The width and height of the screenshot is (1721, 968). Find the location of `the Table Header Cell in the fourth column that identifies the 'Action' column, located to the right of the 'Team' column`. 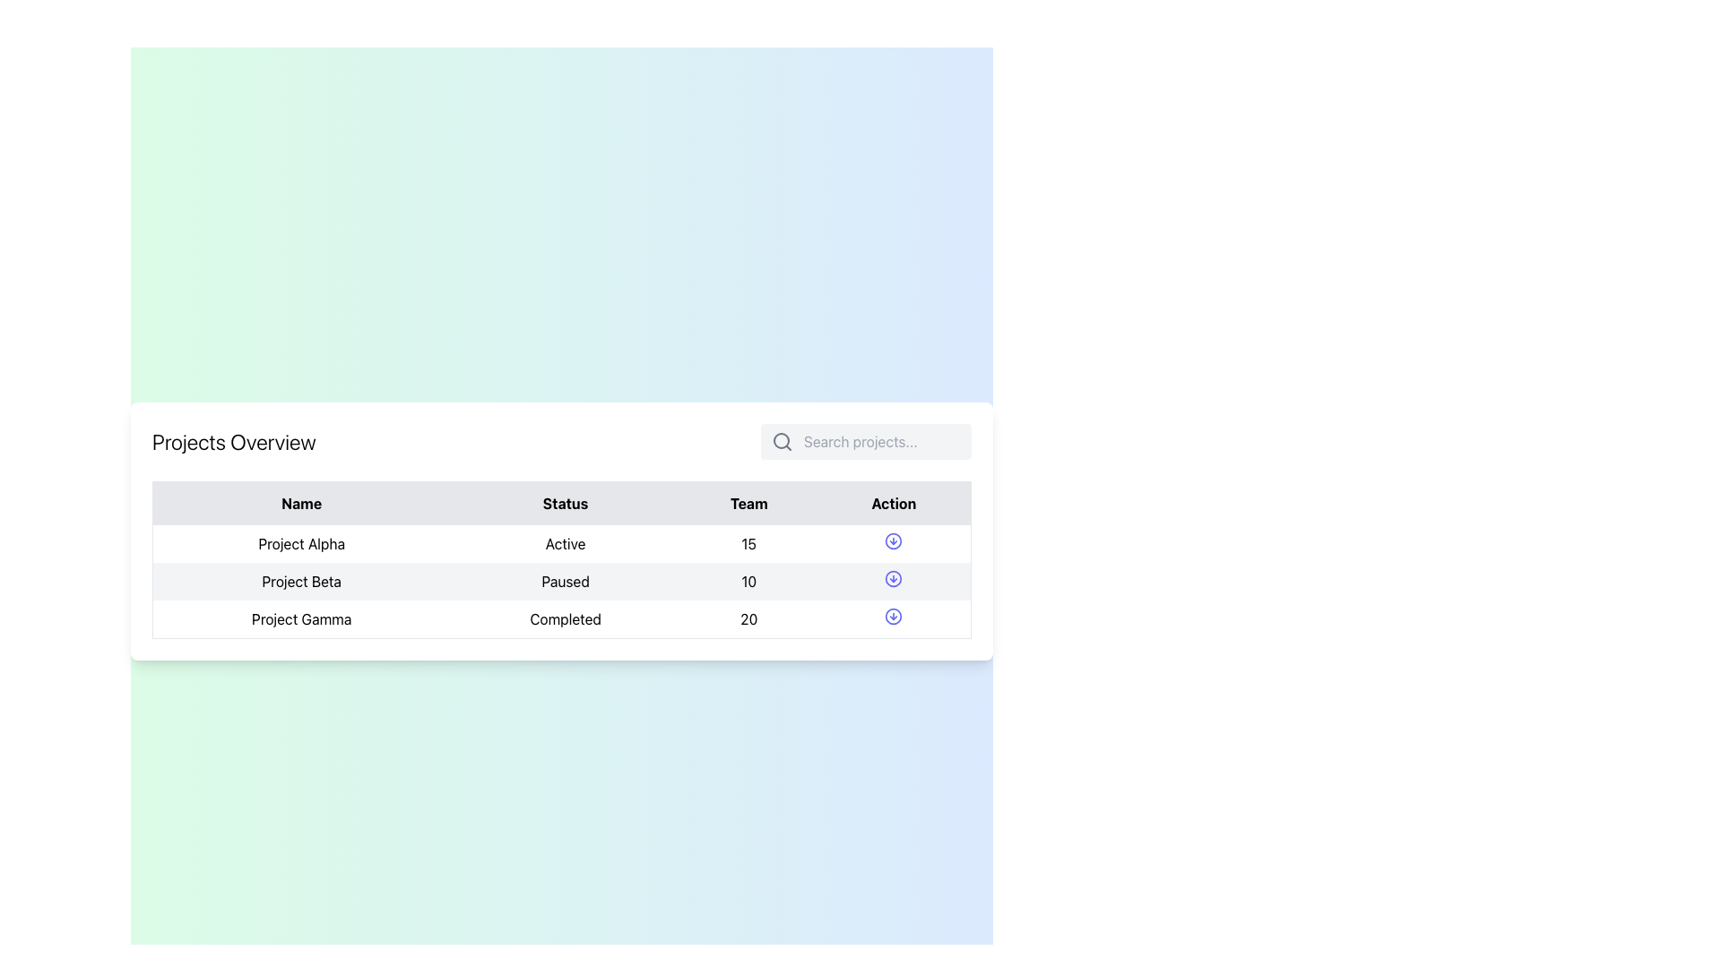

the Table Header Cell in the fourth column that identifies the 'Action' column, located to the right of the 'Team' column is located at coordinates (894, 503).